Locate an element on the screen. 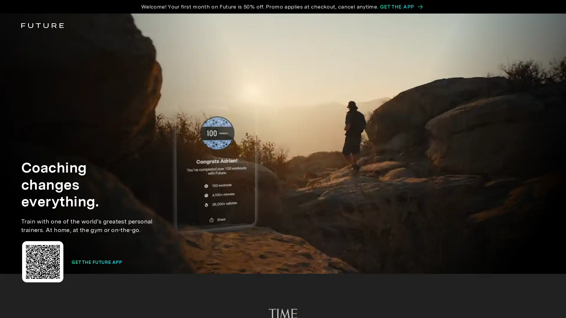 The height and width of the screenshot is (318, 566). GET THE APP is located at coordinates (401, 7).